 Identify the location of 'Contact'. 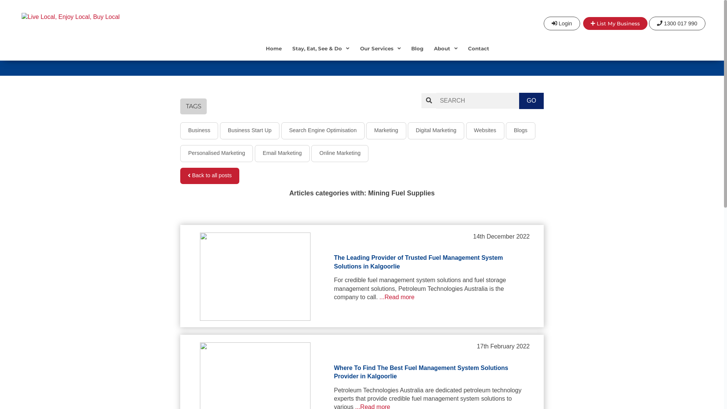
(478, 53).